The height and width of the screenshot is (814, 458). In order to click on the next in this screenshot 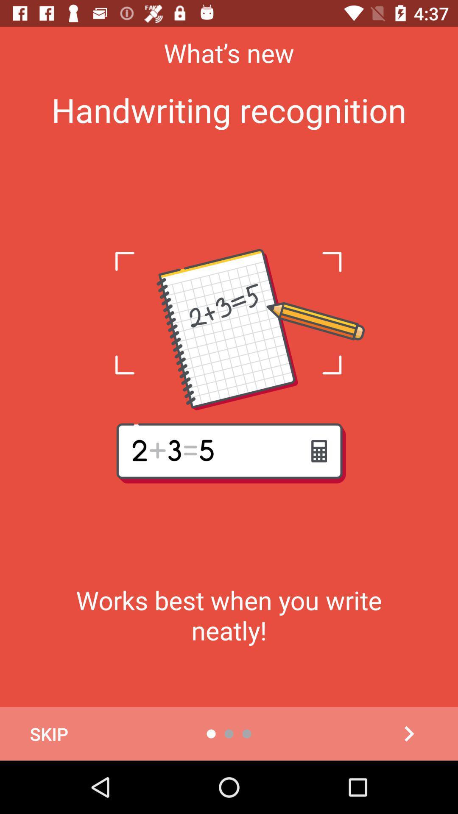, I will do `click(408, 733)`.